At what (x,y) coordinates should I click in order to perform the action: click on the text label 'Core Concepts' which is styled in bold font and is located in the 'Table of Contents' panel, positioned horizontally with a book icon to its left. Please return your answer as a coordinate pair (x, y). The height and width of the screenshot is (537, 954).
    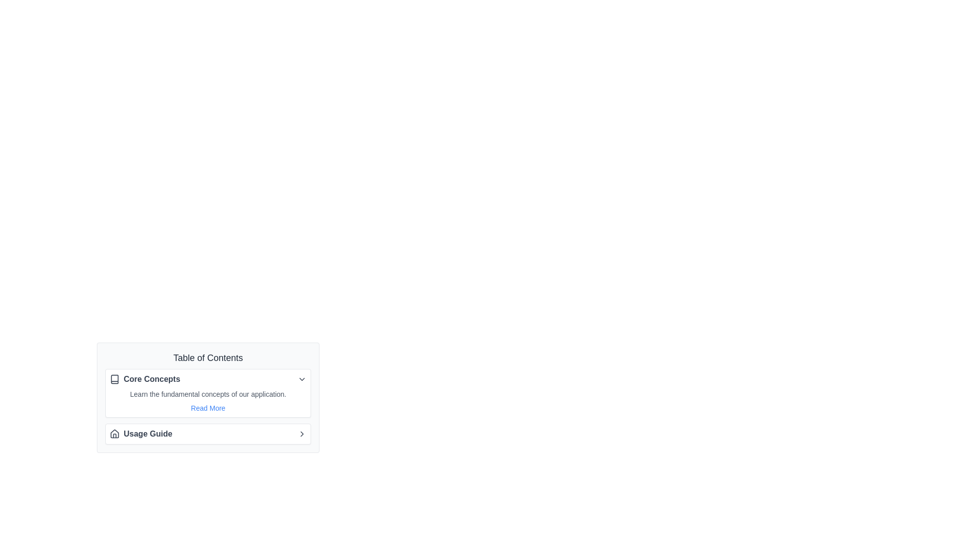
    Looking at the image, I should click on (151, 379).